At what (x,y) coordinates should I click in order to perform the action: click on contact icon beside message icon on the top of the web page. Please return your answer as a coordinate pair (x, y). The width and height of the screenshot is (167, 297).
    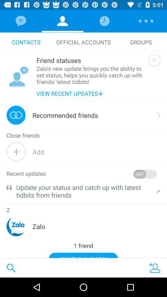
    Looking at the image, I should click on (62, 21).